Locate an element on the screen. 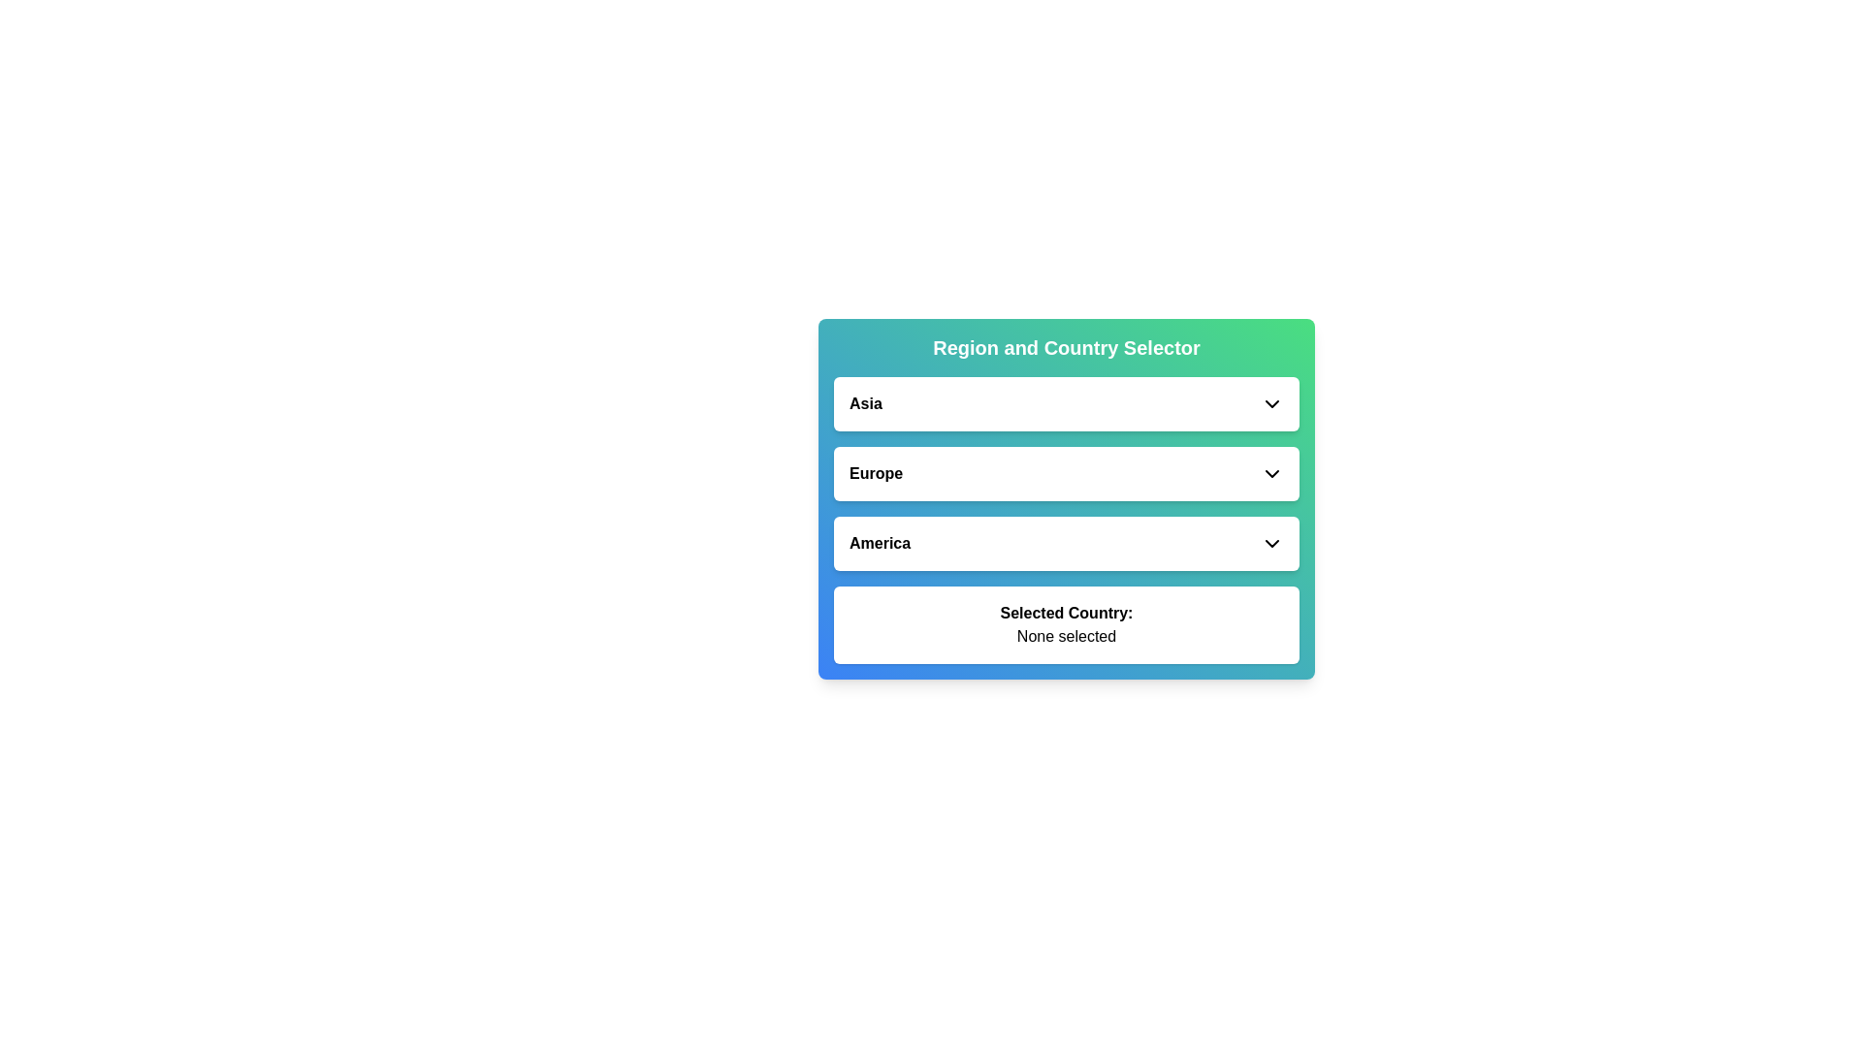  the text label displaying 'America' in the third row of the country selector menu is located at coordinates (879, 543).